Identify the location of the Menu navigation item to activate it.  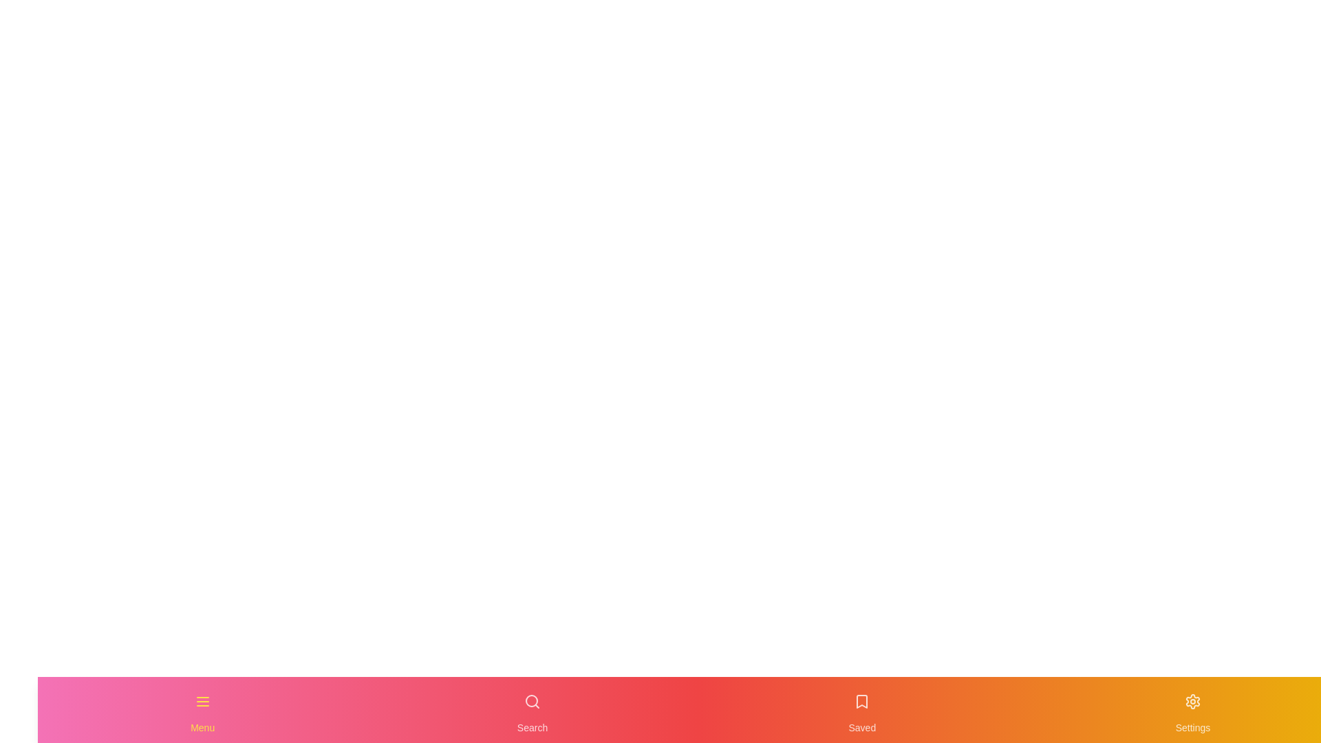
(202, 710).